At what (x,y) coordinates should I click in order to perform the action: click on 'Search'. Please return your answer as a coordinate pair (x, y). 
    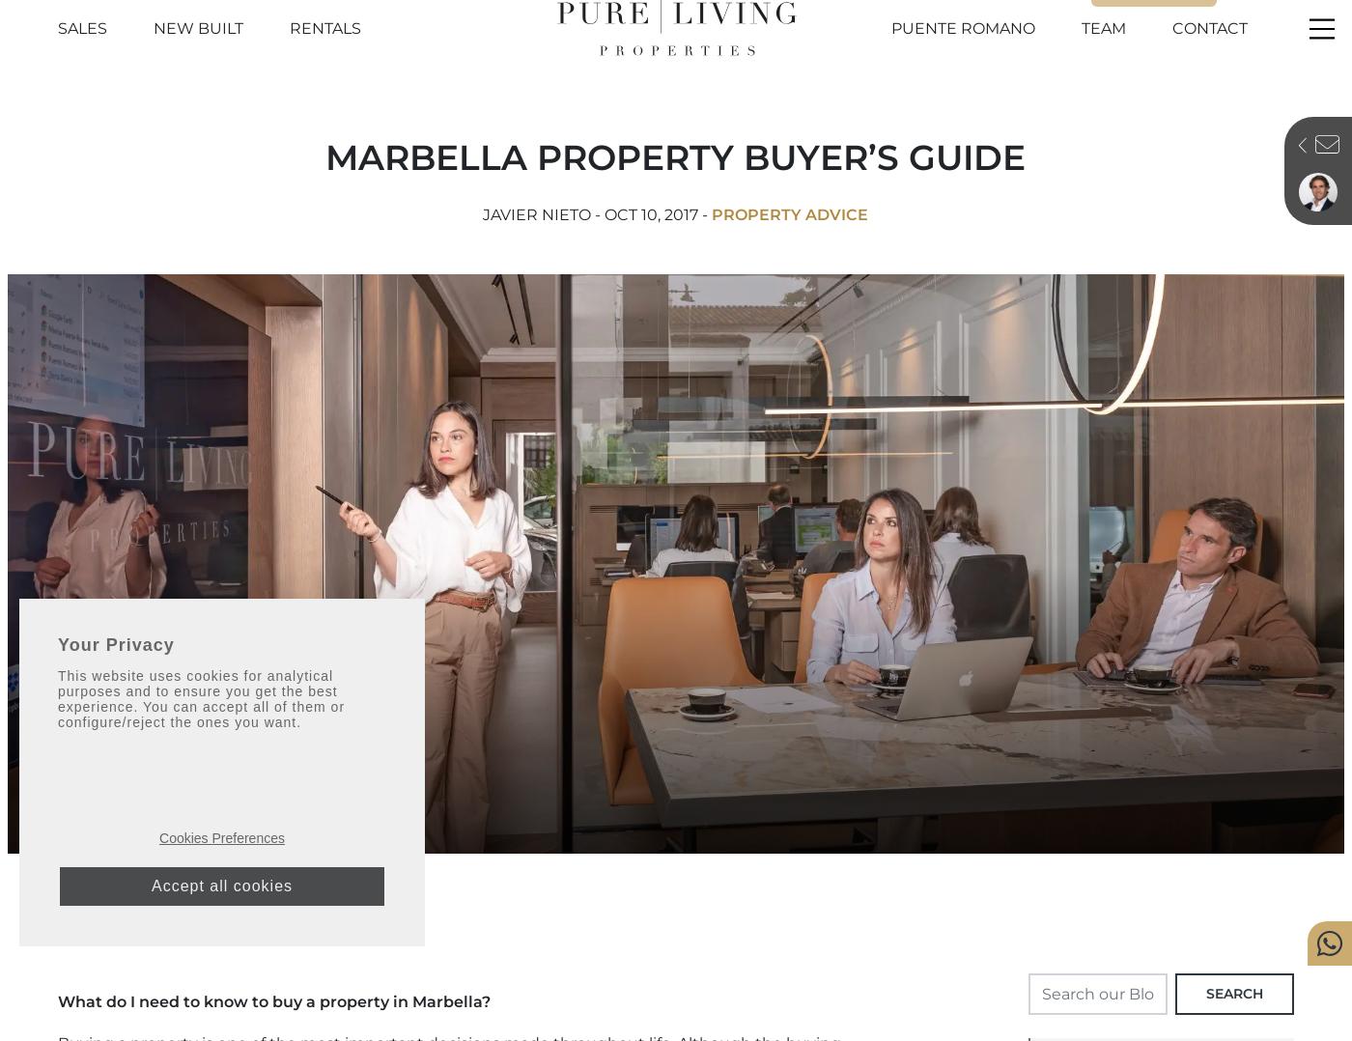
    Looking at the image, I should click on (1234, 991).